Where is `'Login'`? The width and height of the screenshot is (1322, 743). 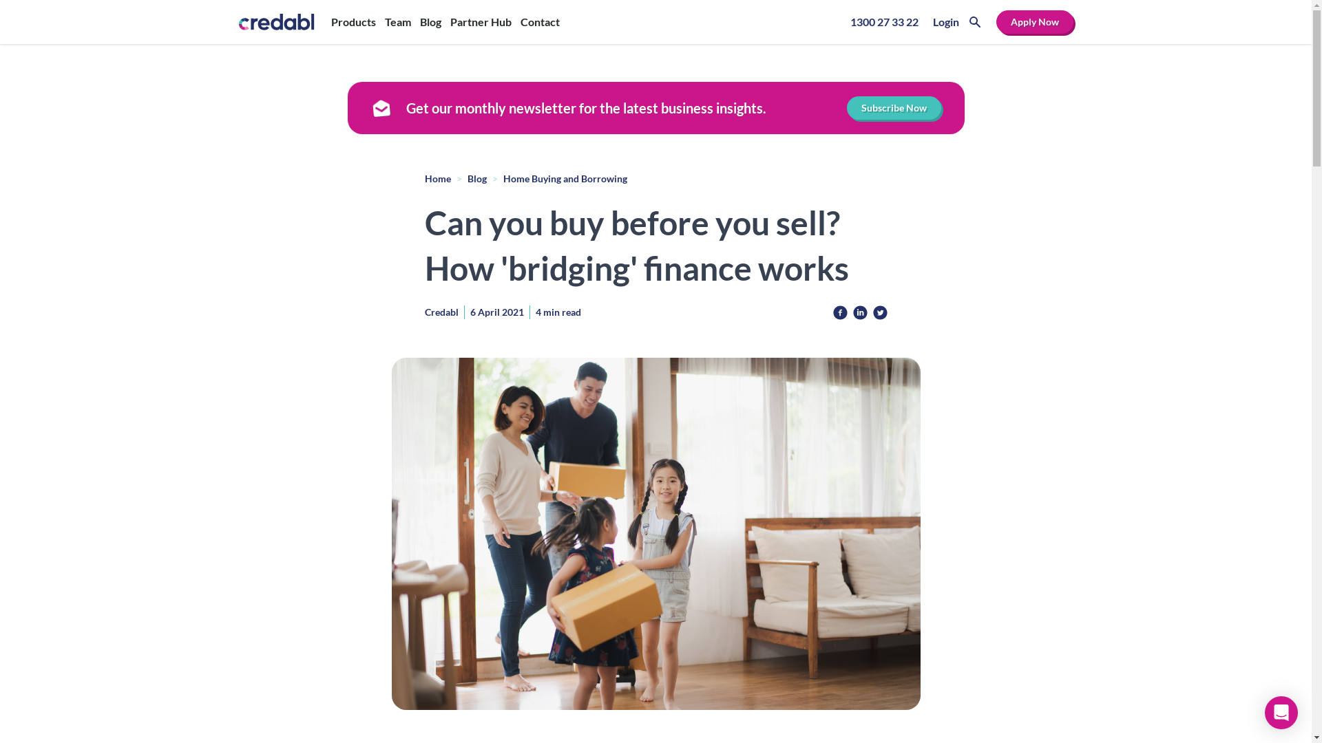 'Login' is located at coordinates (944, 21).